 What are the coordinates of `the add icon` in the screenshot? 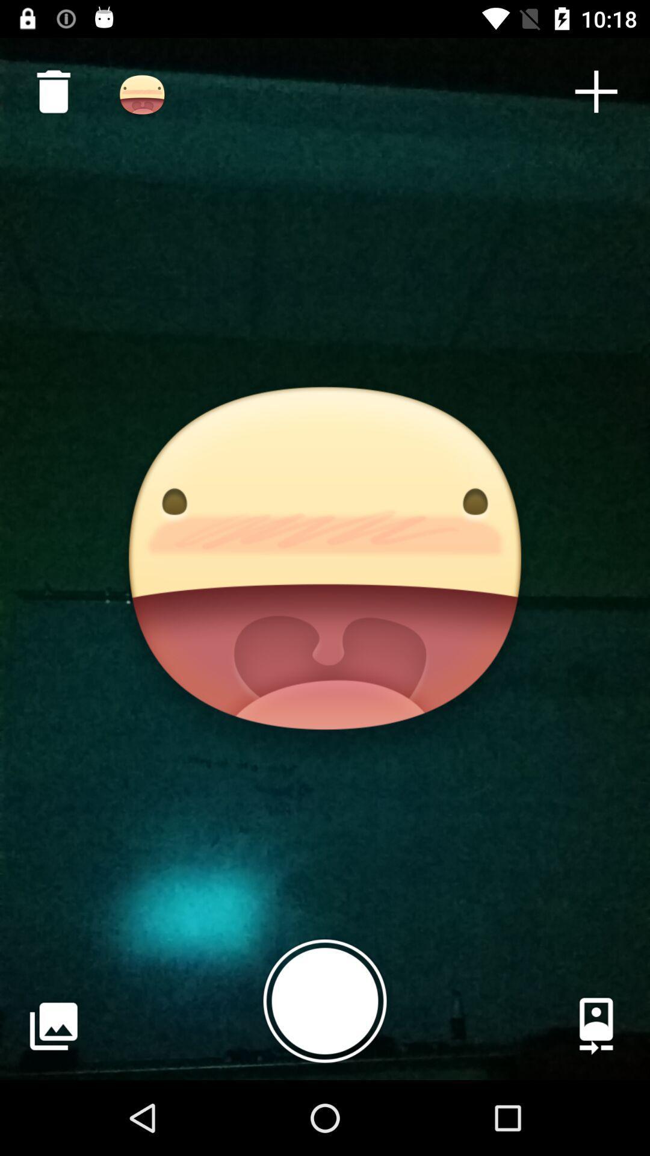 It's located at (596, 91).